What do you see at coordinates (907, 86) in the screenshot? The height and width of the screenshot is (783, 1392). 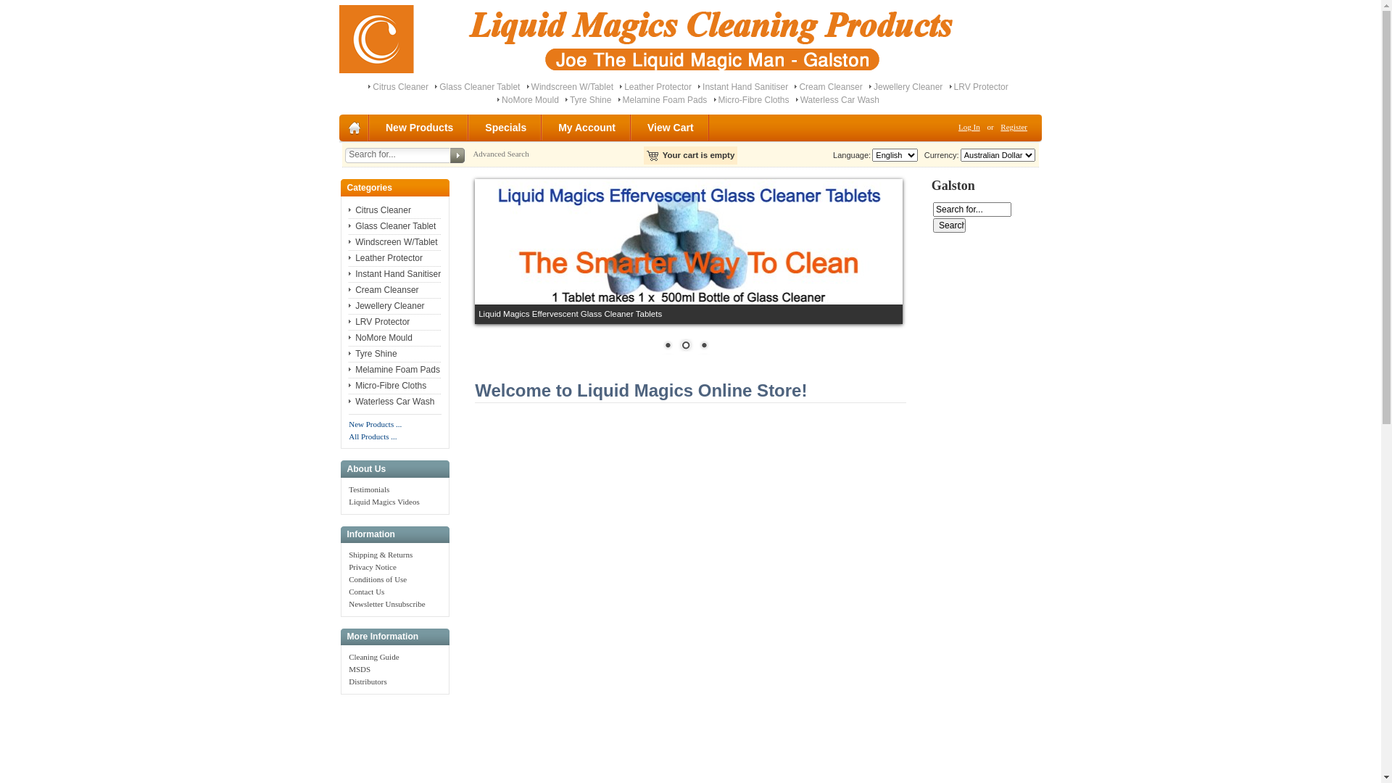 I see `'Jewellery Cleaner'` at bounding box center [907, 86].